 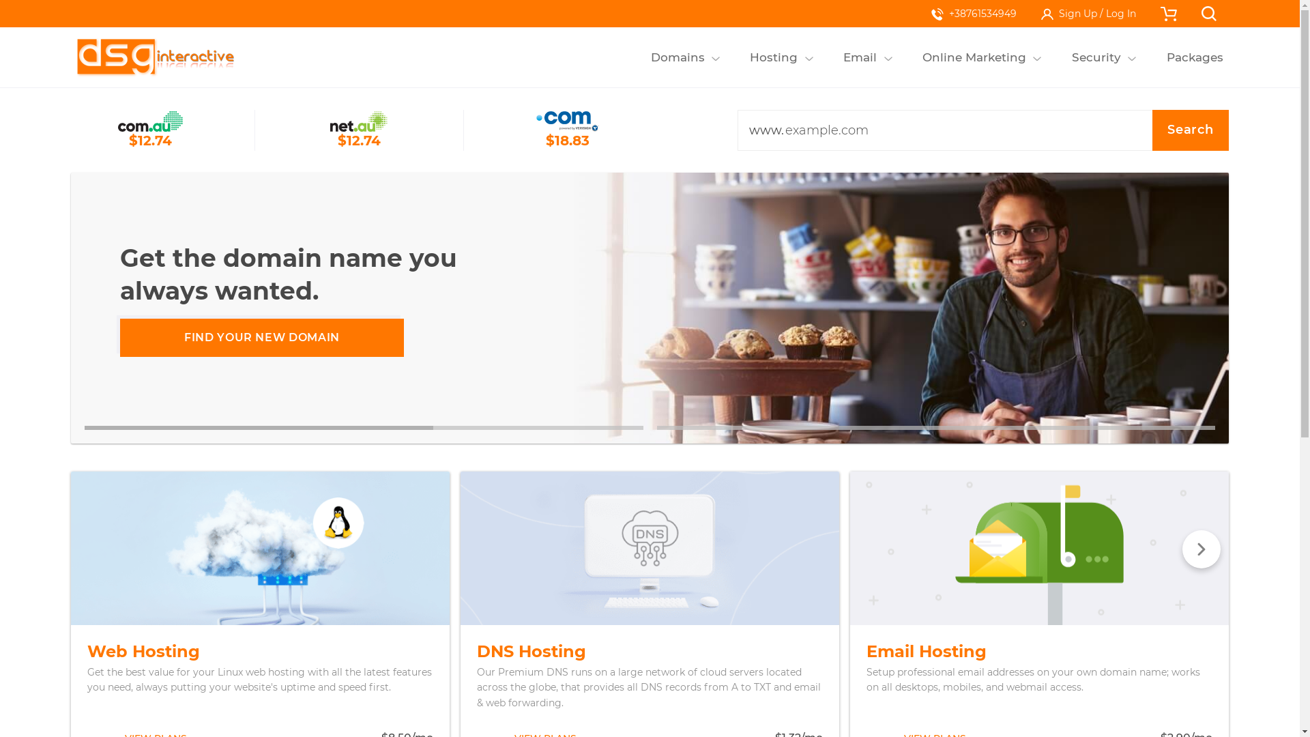 I want to click on 'Security', so click(x=1096, y=57).